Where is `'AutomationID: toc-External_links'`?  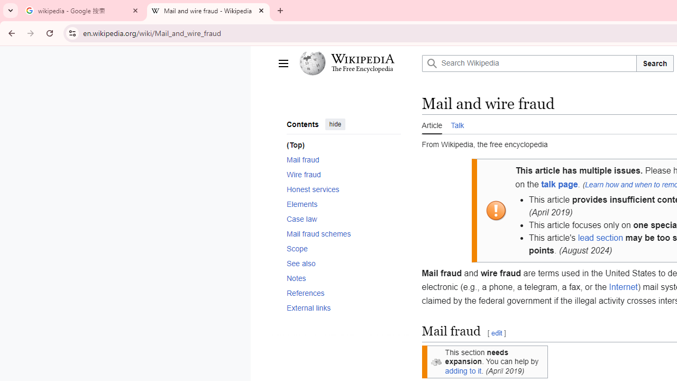
'AutomationID: toc-External_links' is located at coordinates (340, 307).